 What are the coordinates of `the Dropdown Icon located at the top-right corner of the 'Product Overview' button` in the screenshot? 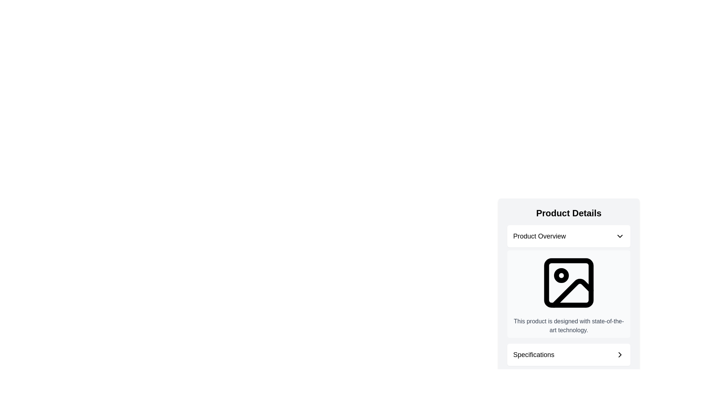 It's located at (620, 236).